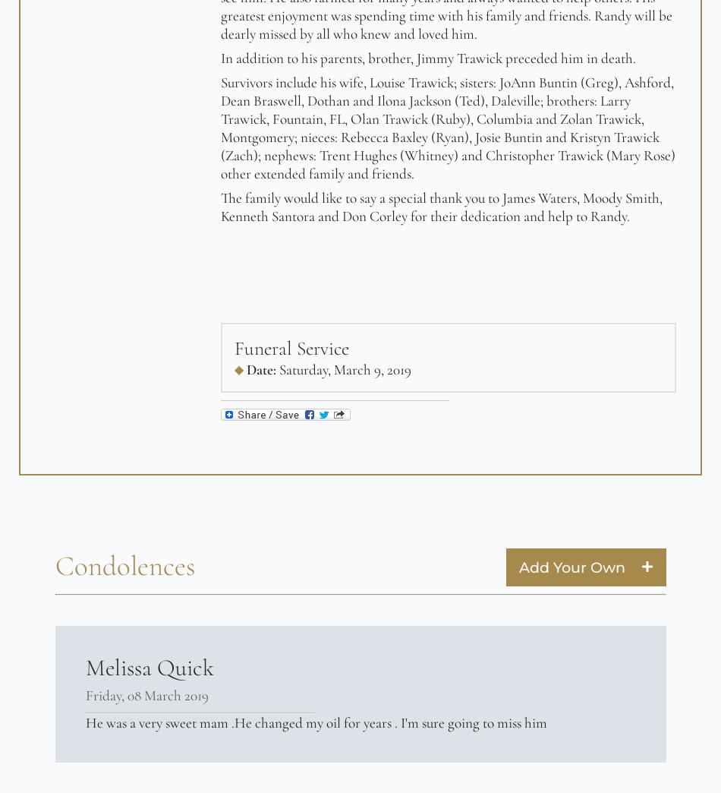 This screenshot has width=721, height=793. Describe the element at coordinates (219, 207) in the screenshot. I see `'The family would like to say a special thank you to James Waters, Moody Smith, Kenneth Santora and Don Corley for their dedication and help to Randy.'` at that location.